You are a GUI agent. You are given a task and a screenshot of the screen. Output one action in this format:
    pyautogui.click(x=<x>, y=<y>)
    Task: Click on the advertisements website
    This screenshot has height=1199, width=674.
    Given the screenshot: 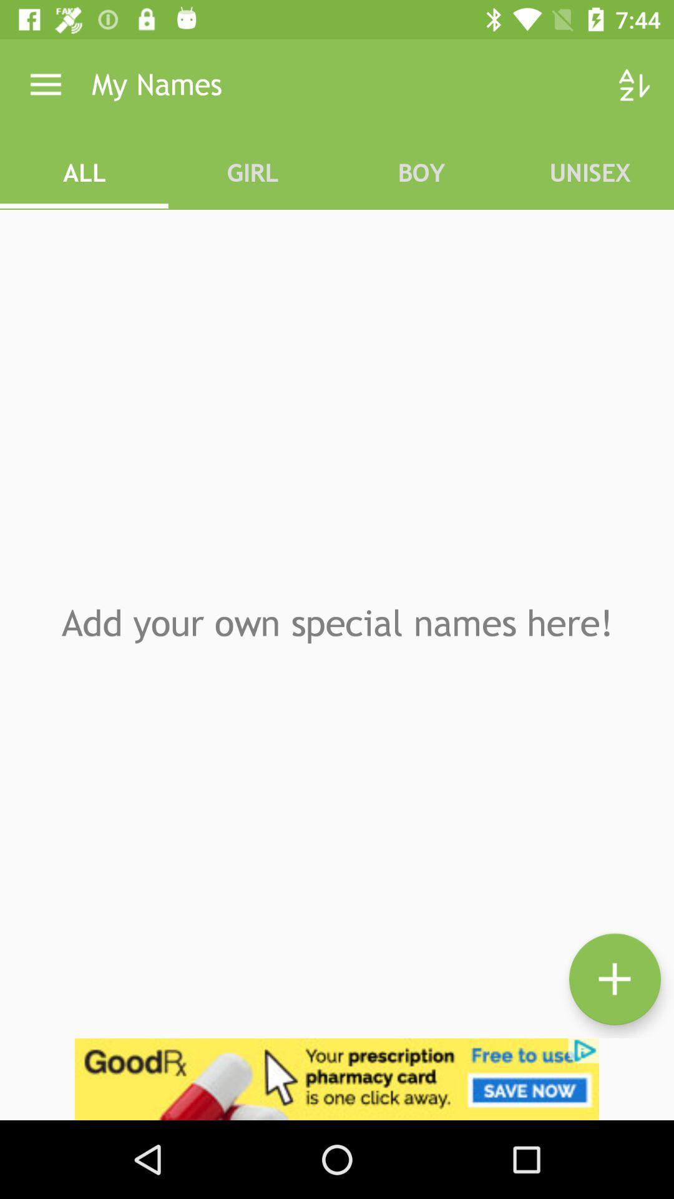 What is the action you would take?
    pyautogui.click(x=337, y=1078)
    